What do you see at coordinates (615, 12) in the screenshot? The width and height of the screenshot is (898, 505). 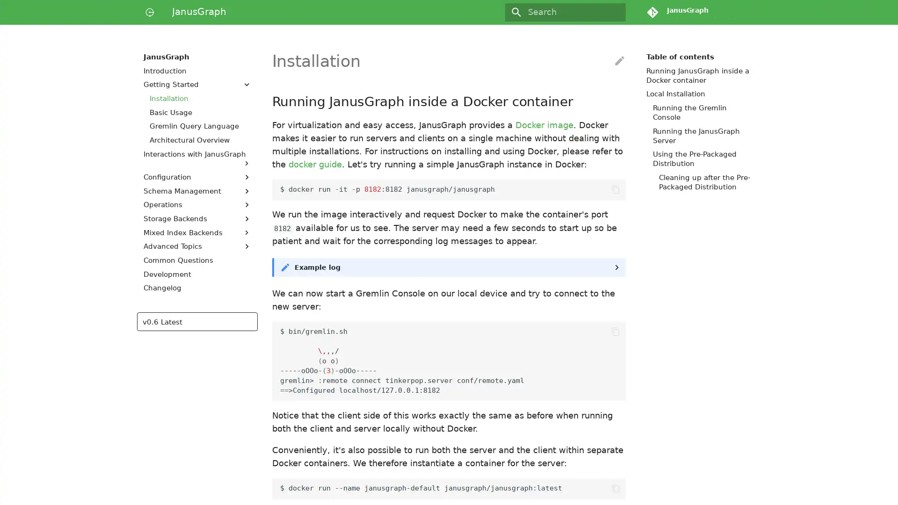 I see `Clear` at bounding box center [615, 12].